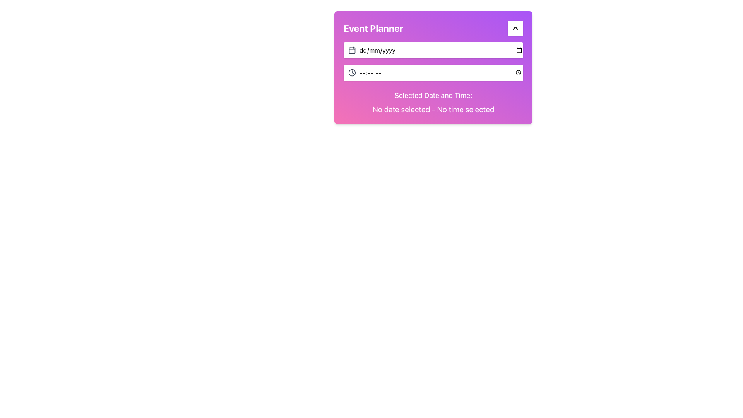  Describe the element at coordinates (352, 73) in the screenshot. I see `the clock icon located on the left side of the time selection input field in the 'Event Planner' panel` at that location.